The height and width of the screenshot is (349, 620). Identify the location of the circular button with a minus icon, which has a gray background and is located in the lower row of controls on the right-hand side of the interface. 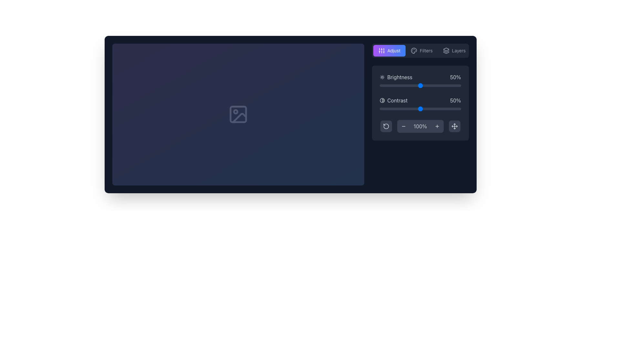
(403, 126).